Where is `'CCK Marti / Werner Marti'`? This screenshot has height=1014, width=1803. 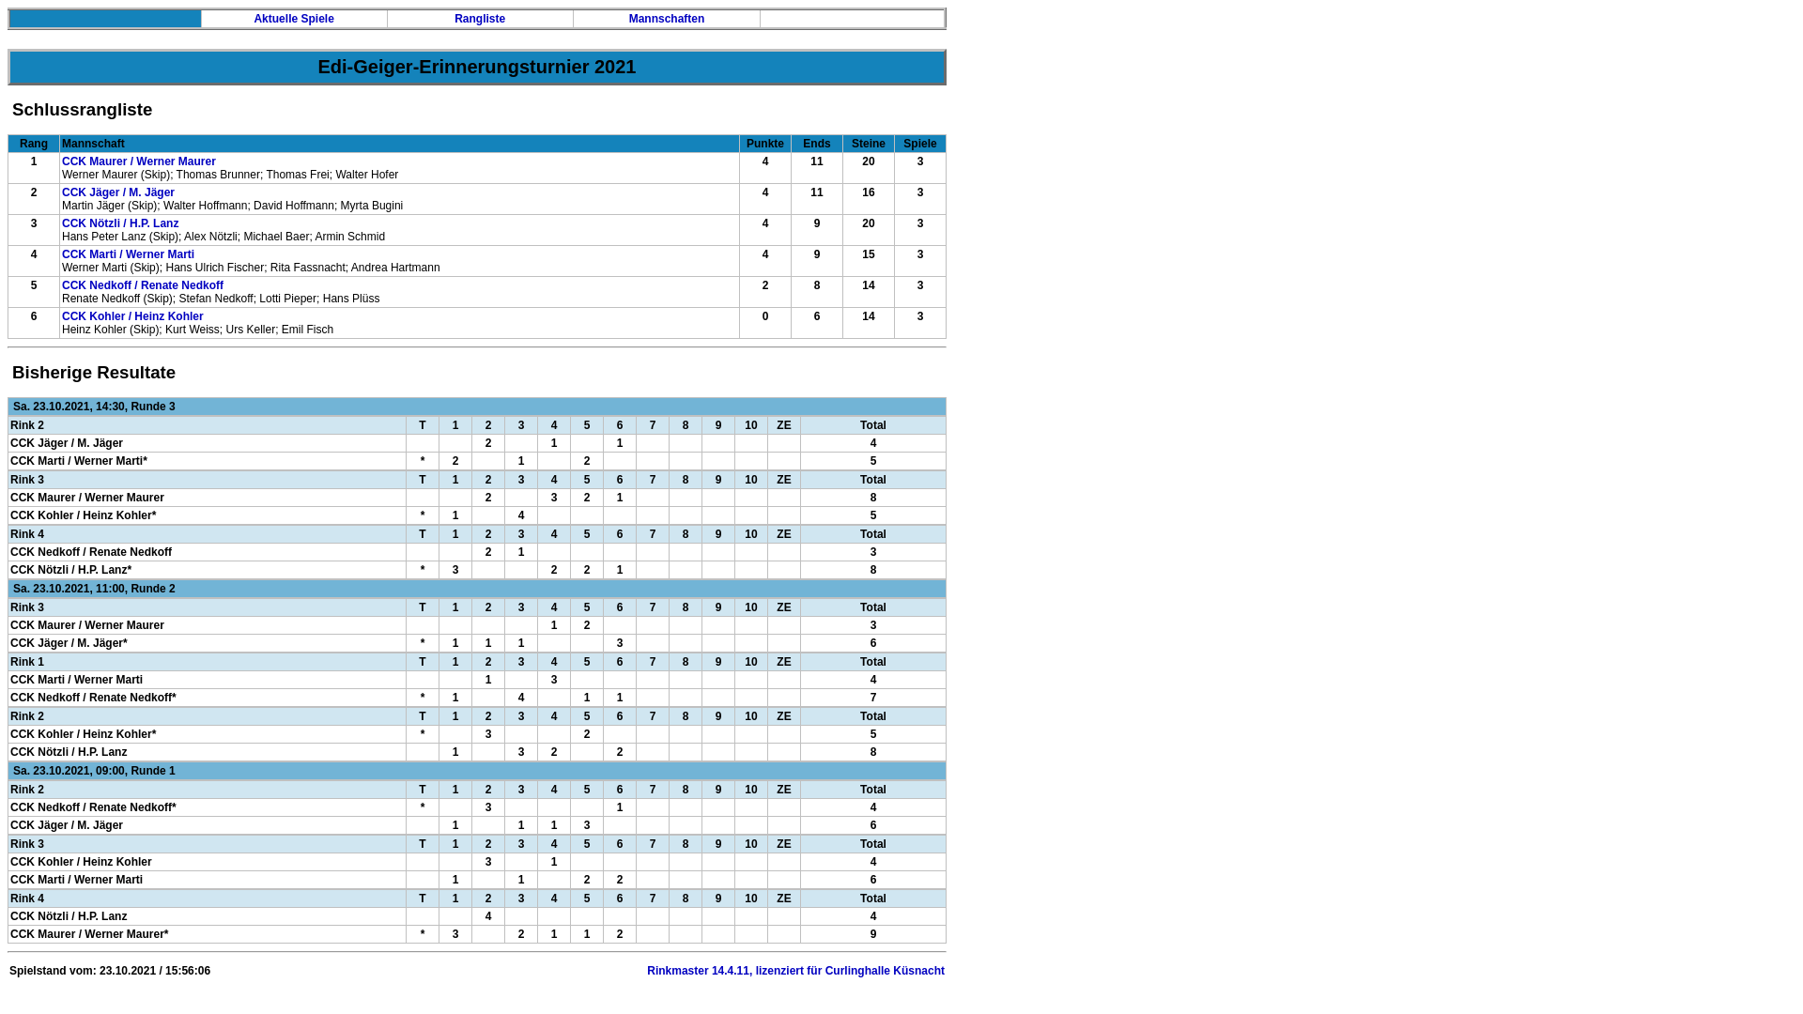 'CCK Marti / Werner Marti' is located at coordinates (127, 253).